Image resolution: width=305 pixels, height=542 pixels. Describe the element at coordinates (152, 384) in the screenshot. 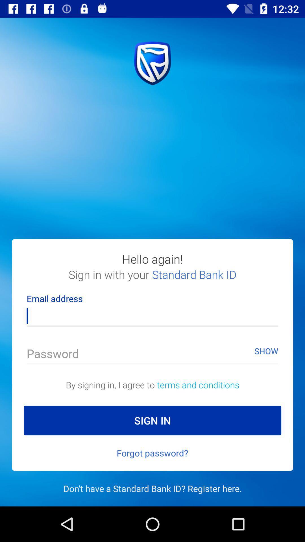

I see `the text above the sign in` at that location.